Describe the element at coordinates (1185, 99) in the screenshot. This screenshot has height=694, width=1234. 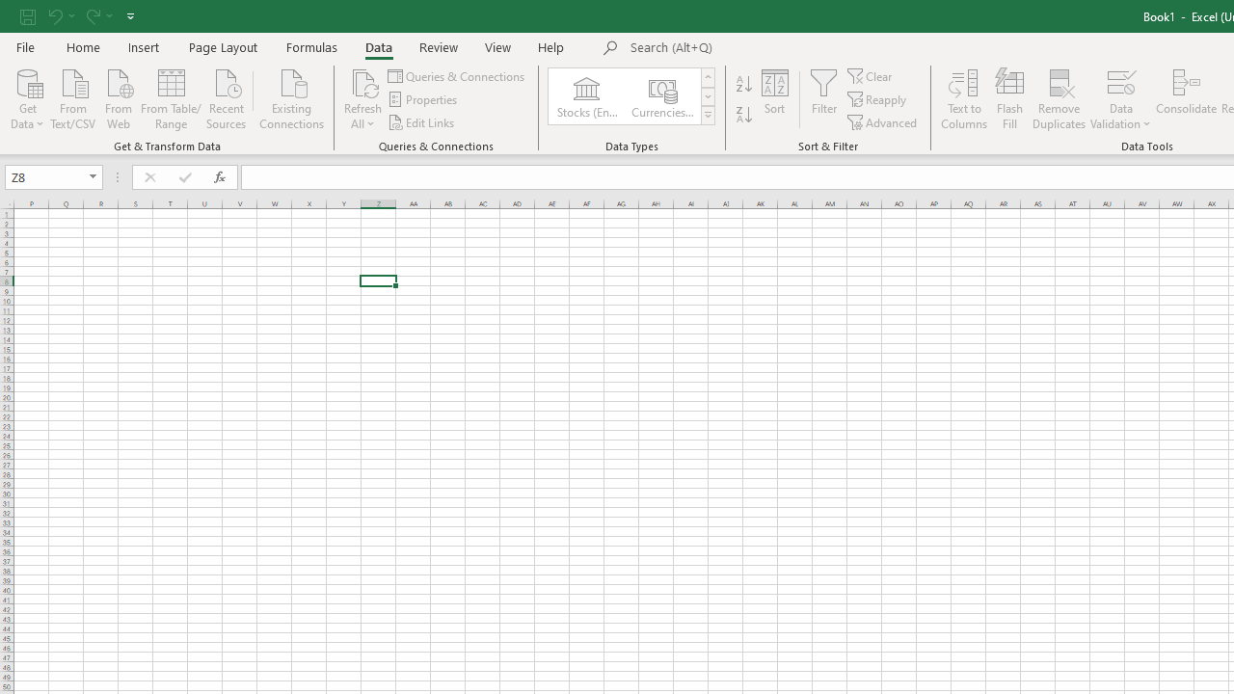
I see `'Consolidate...'` at that location.